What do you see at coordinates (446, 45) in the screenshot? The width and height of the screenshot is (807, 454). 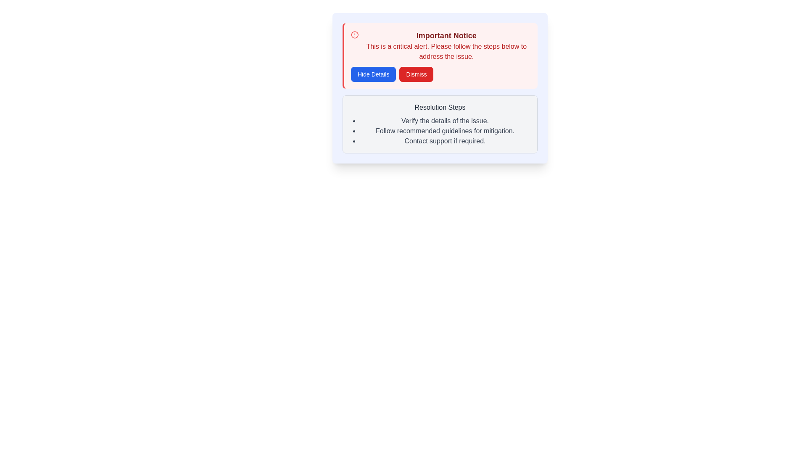 I see `alert text from the Text Block labeled 'Important Notice' which is visually emphasized in bold and deep red, followed by a smaller paragraph detailing the critical alert` at bounding box center [446, 45].